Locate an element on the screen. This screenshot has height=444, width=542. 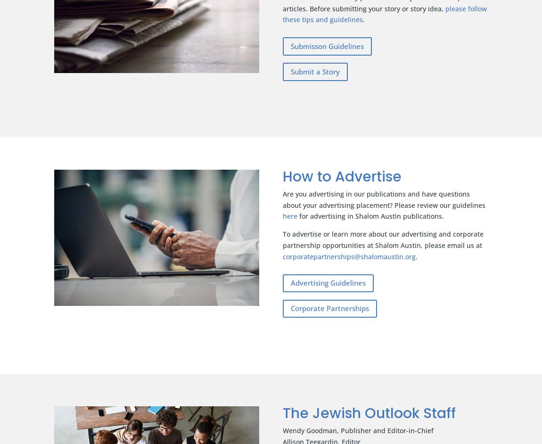
'corporatepartnerships@shalomaustin.org' is located at coordinates (282, 255).